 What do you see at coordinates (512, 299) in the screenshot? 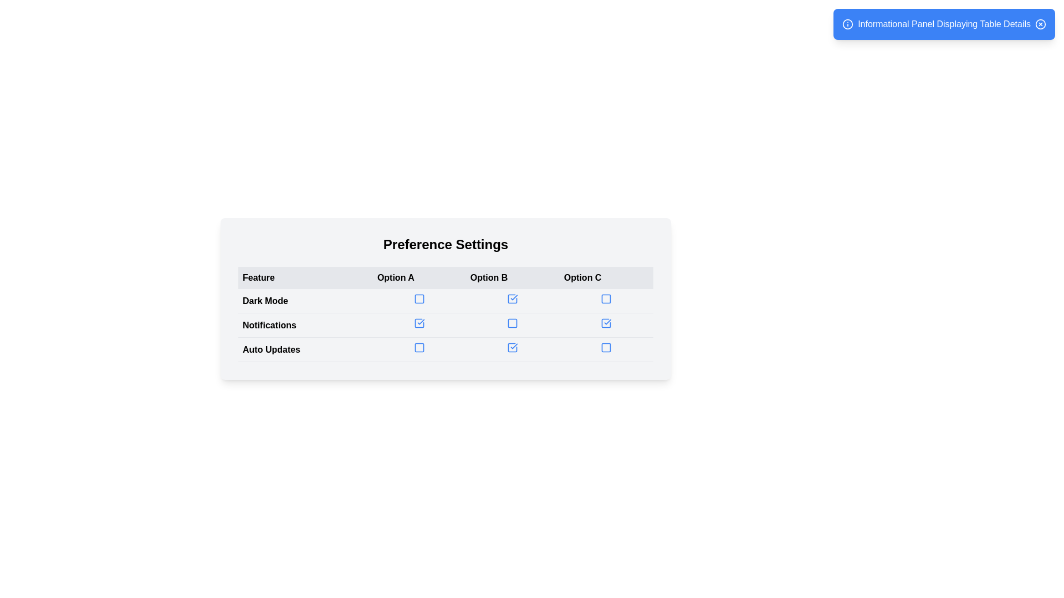
I see `the checkbox for 'Option B' in the 'Preference Settings' table, which toggles the 'Dark Mode' feature` at bounding box center [512, 299].